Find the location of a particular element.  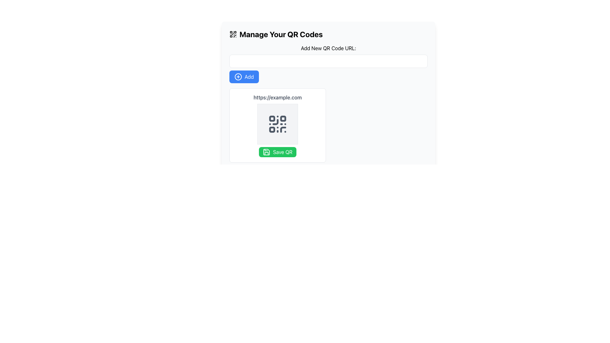

the 'Add' button with a blue background and white text to trigger a visual effect change is located at coordinates (244, 77).